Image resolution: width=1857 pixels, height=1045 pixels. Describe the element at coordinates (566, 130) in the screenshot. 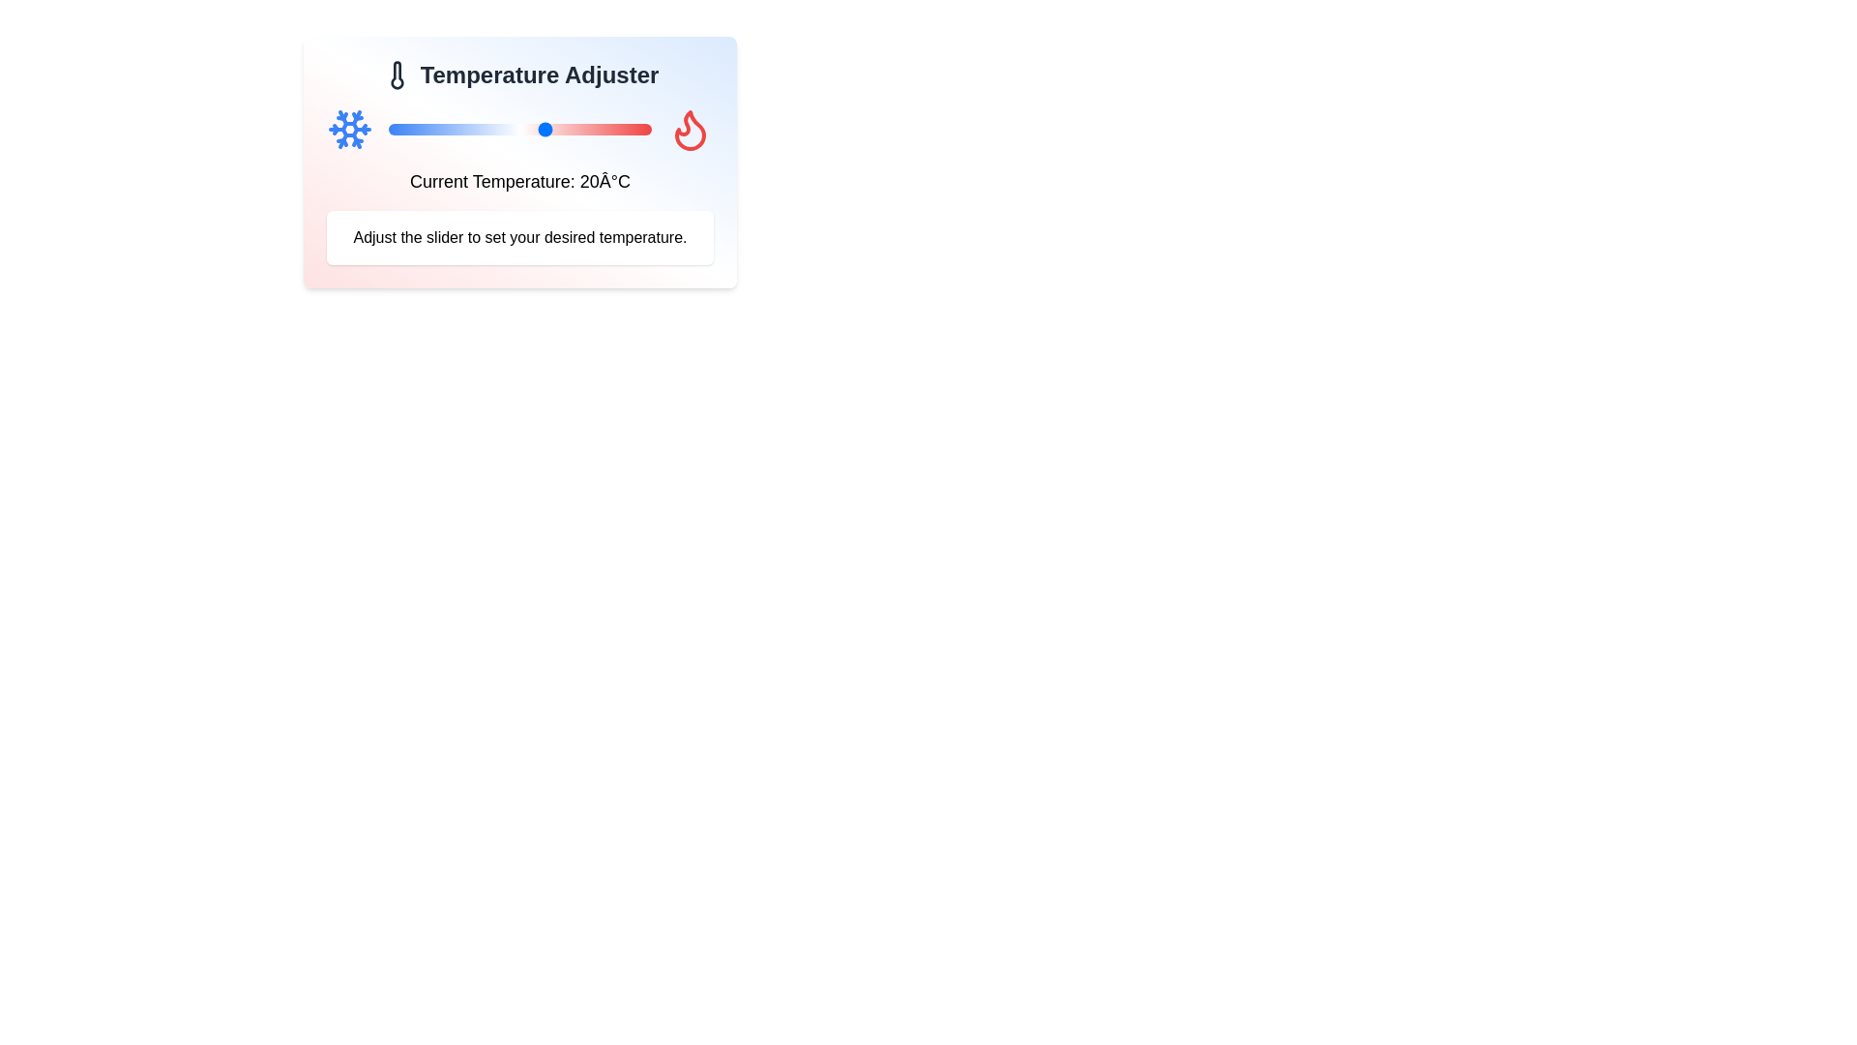

I see `the slider to set the temperature to 24°C` at that location.